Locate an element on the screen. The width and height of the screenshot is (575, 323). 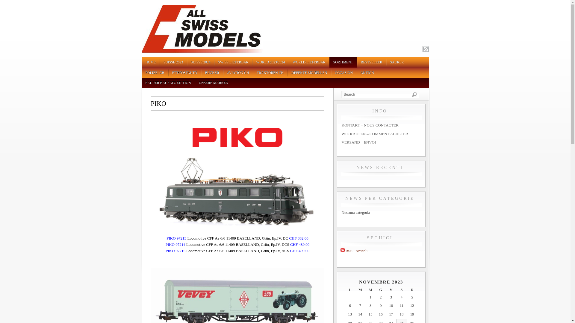
'SAURER BAUSATZ EDITION' is located at coordinates (141, 83).